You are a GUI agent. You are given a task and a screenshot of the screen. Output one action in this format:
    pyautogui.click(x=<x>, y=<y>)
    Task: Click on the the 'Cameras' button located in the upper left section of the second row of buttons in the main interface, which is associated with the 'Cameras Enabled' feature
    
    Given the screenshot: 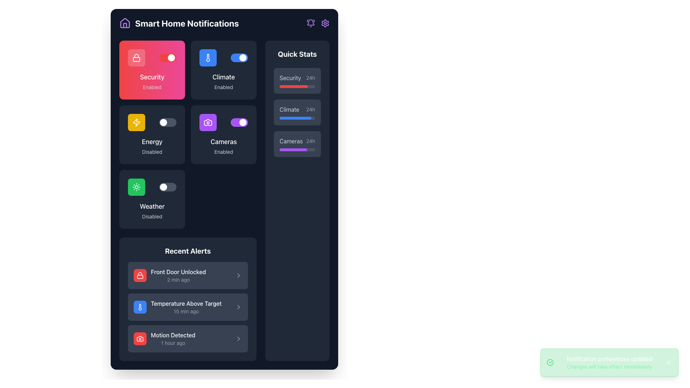 What is the action you would take?
    pyautogui.click(x=208, y=122)
    